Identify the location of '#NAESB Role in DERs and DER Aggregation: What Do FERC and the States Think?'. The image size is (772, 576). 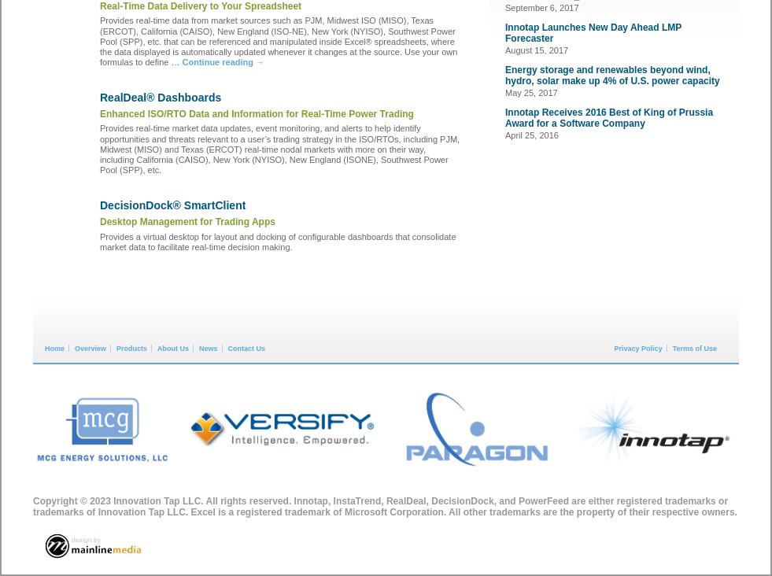
(500, 284).